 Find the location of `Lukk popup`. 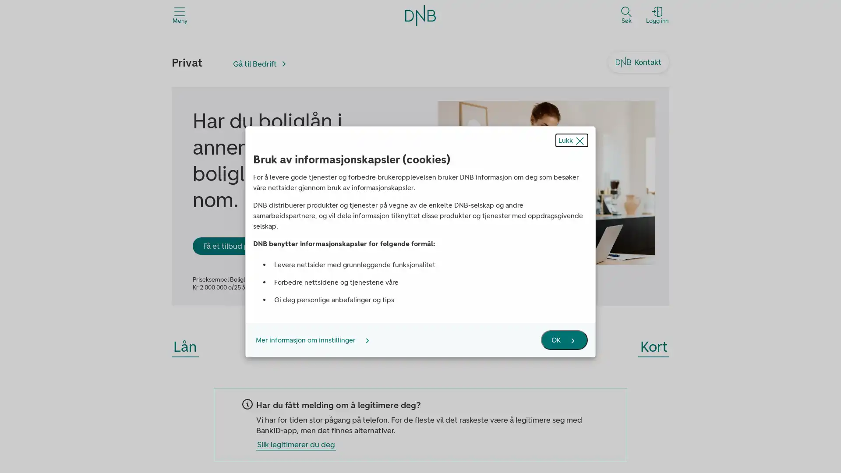

Lukk popup is located at coordinates (572, 139).